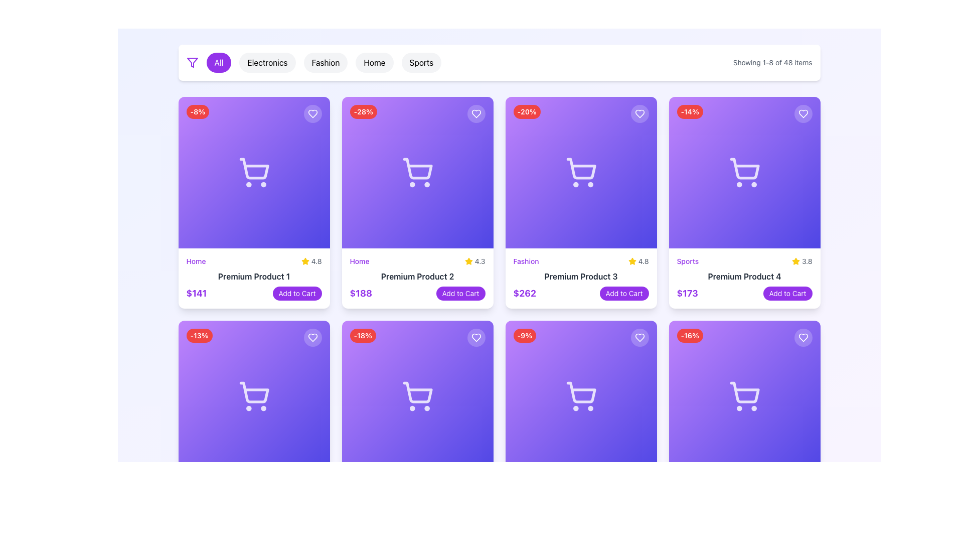 This screenshot has width=963, height=542. Describe the element at coordinates (581, 392) in the screenshot. I see `the shopping cart icon, which is a rounded rectangular shape with two circles at the bottom, located in the lower section of a product information card` at that location.